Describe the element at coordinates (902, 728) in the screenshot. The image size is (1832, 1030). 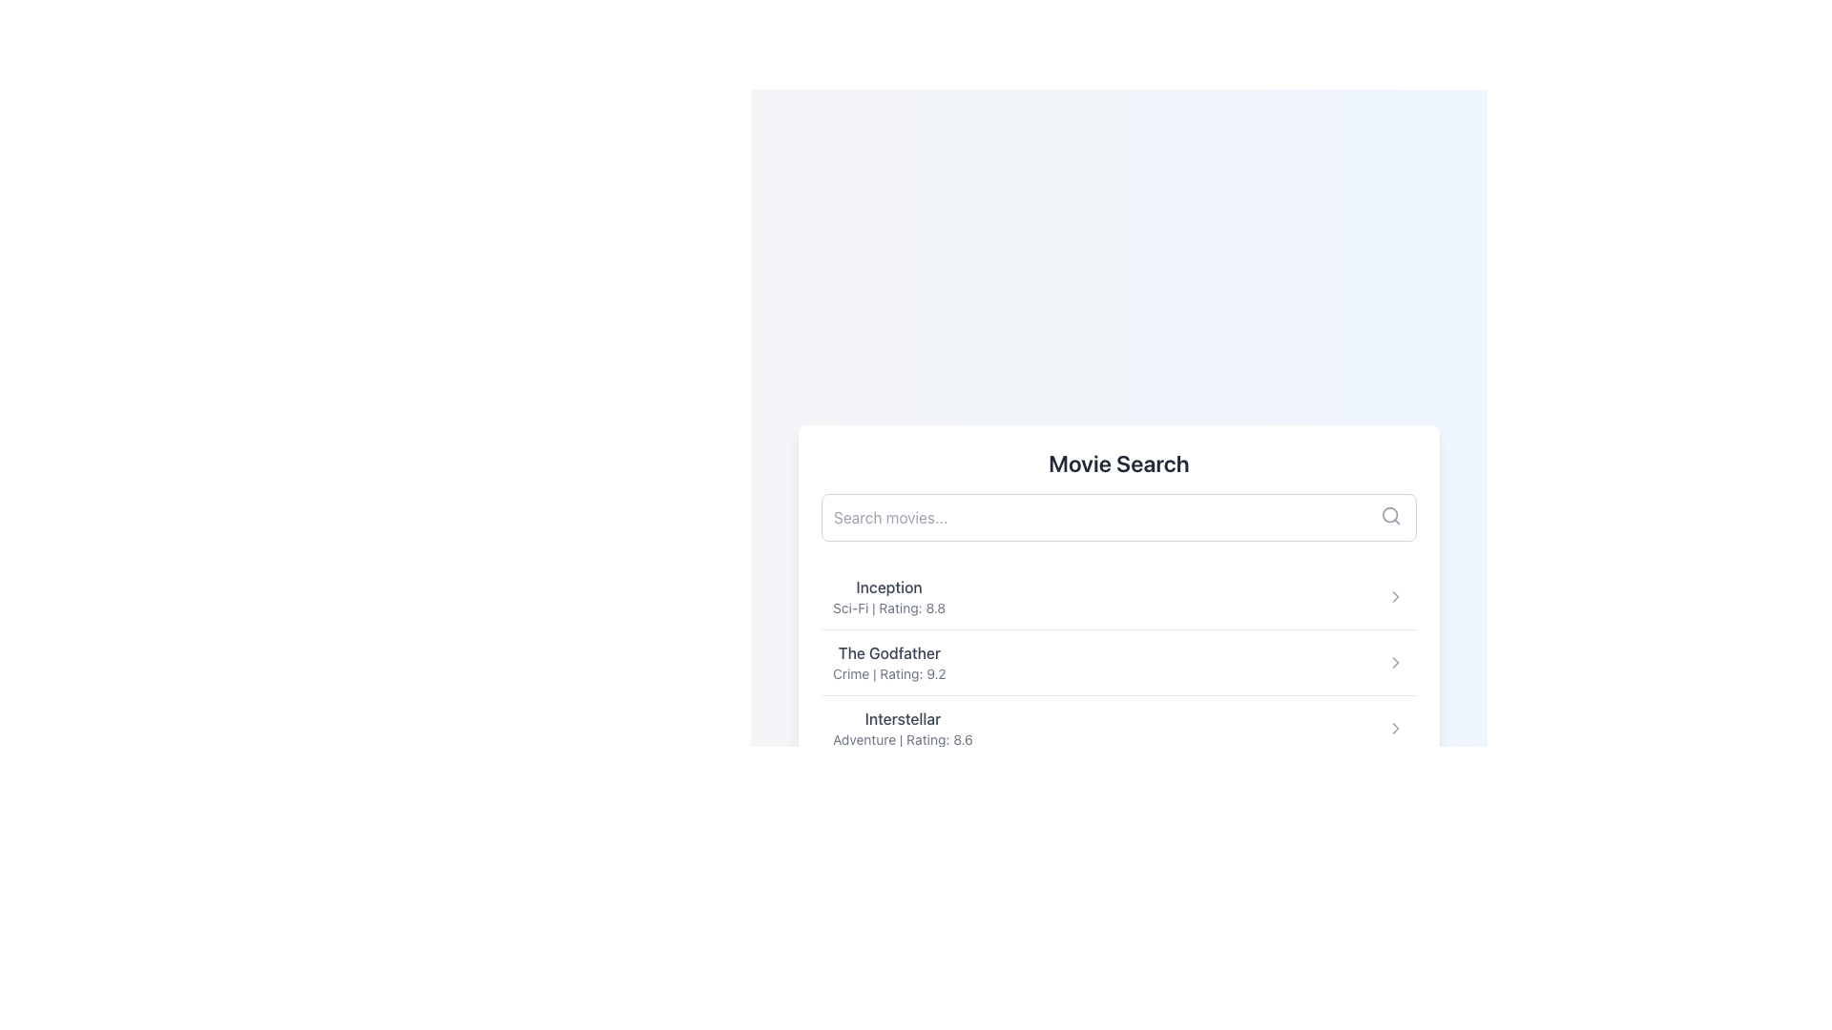
I see `the third movie listing in the search results interface` at that location.